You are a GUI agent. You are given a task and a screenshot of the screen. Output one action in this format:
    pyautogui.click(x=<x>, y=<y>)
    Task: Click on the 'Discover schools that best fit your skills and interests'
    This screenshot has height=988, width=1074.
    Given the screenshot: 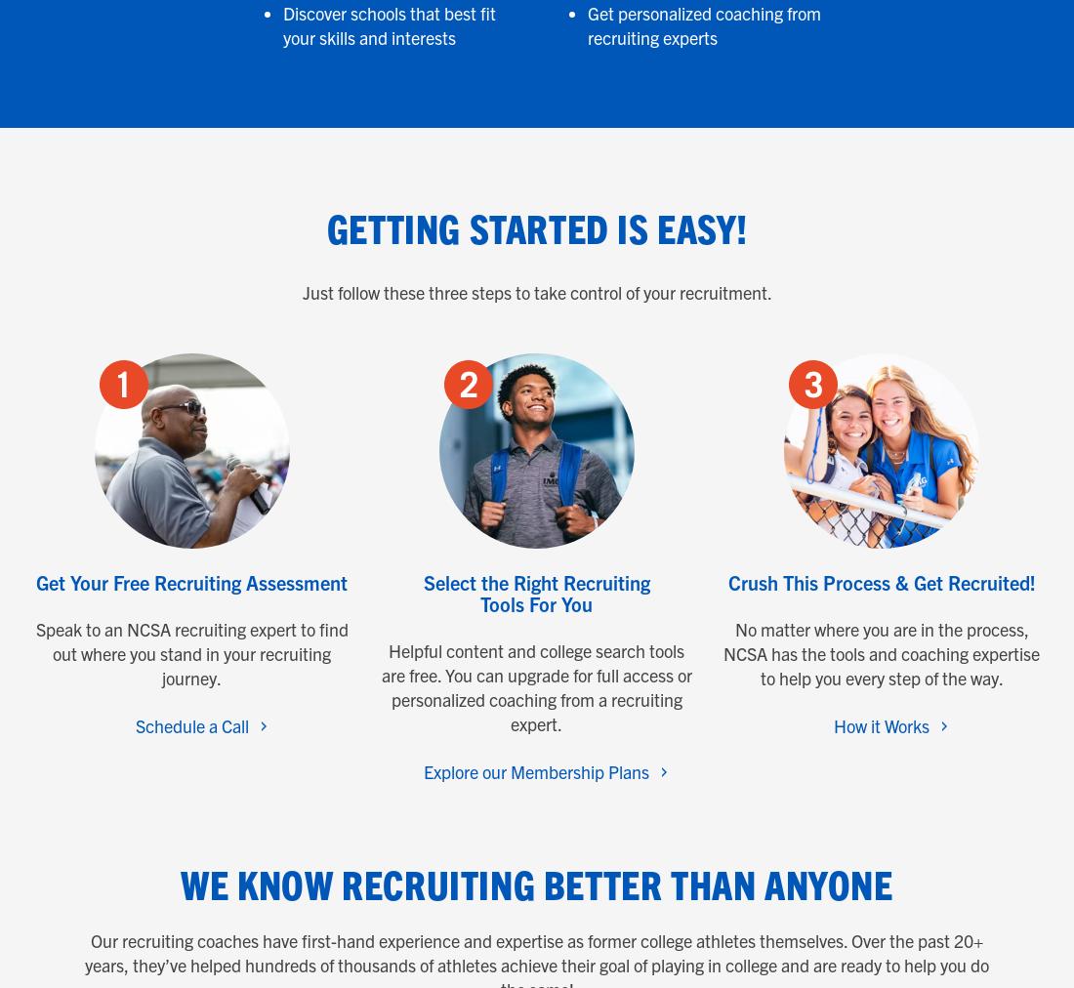 What is the action you would take?
    pyautogui.click(x=281, y=24)
    